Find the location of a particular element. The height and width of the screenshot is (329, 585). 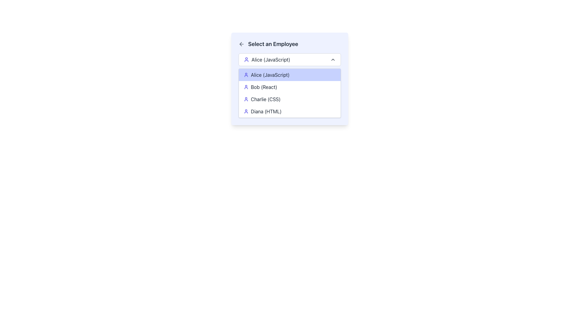

the dropdown selection box labeled 'Alice (JavaScript)' located beneath the title 'Select an Employee' is located at coordinates (289, 60).